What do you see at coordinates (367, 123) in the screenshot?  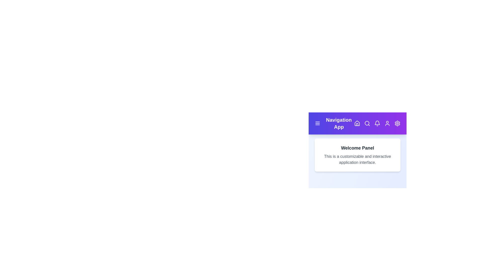 I see `the Search icon in the navigation bar to navigate to its respective section` at bounding box center [367, 123].